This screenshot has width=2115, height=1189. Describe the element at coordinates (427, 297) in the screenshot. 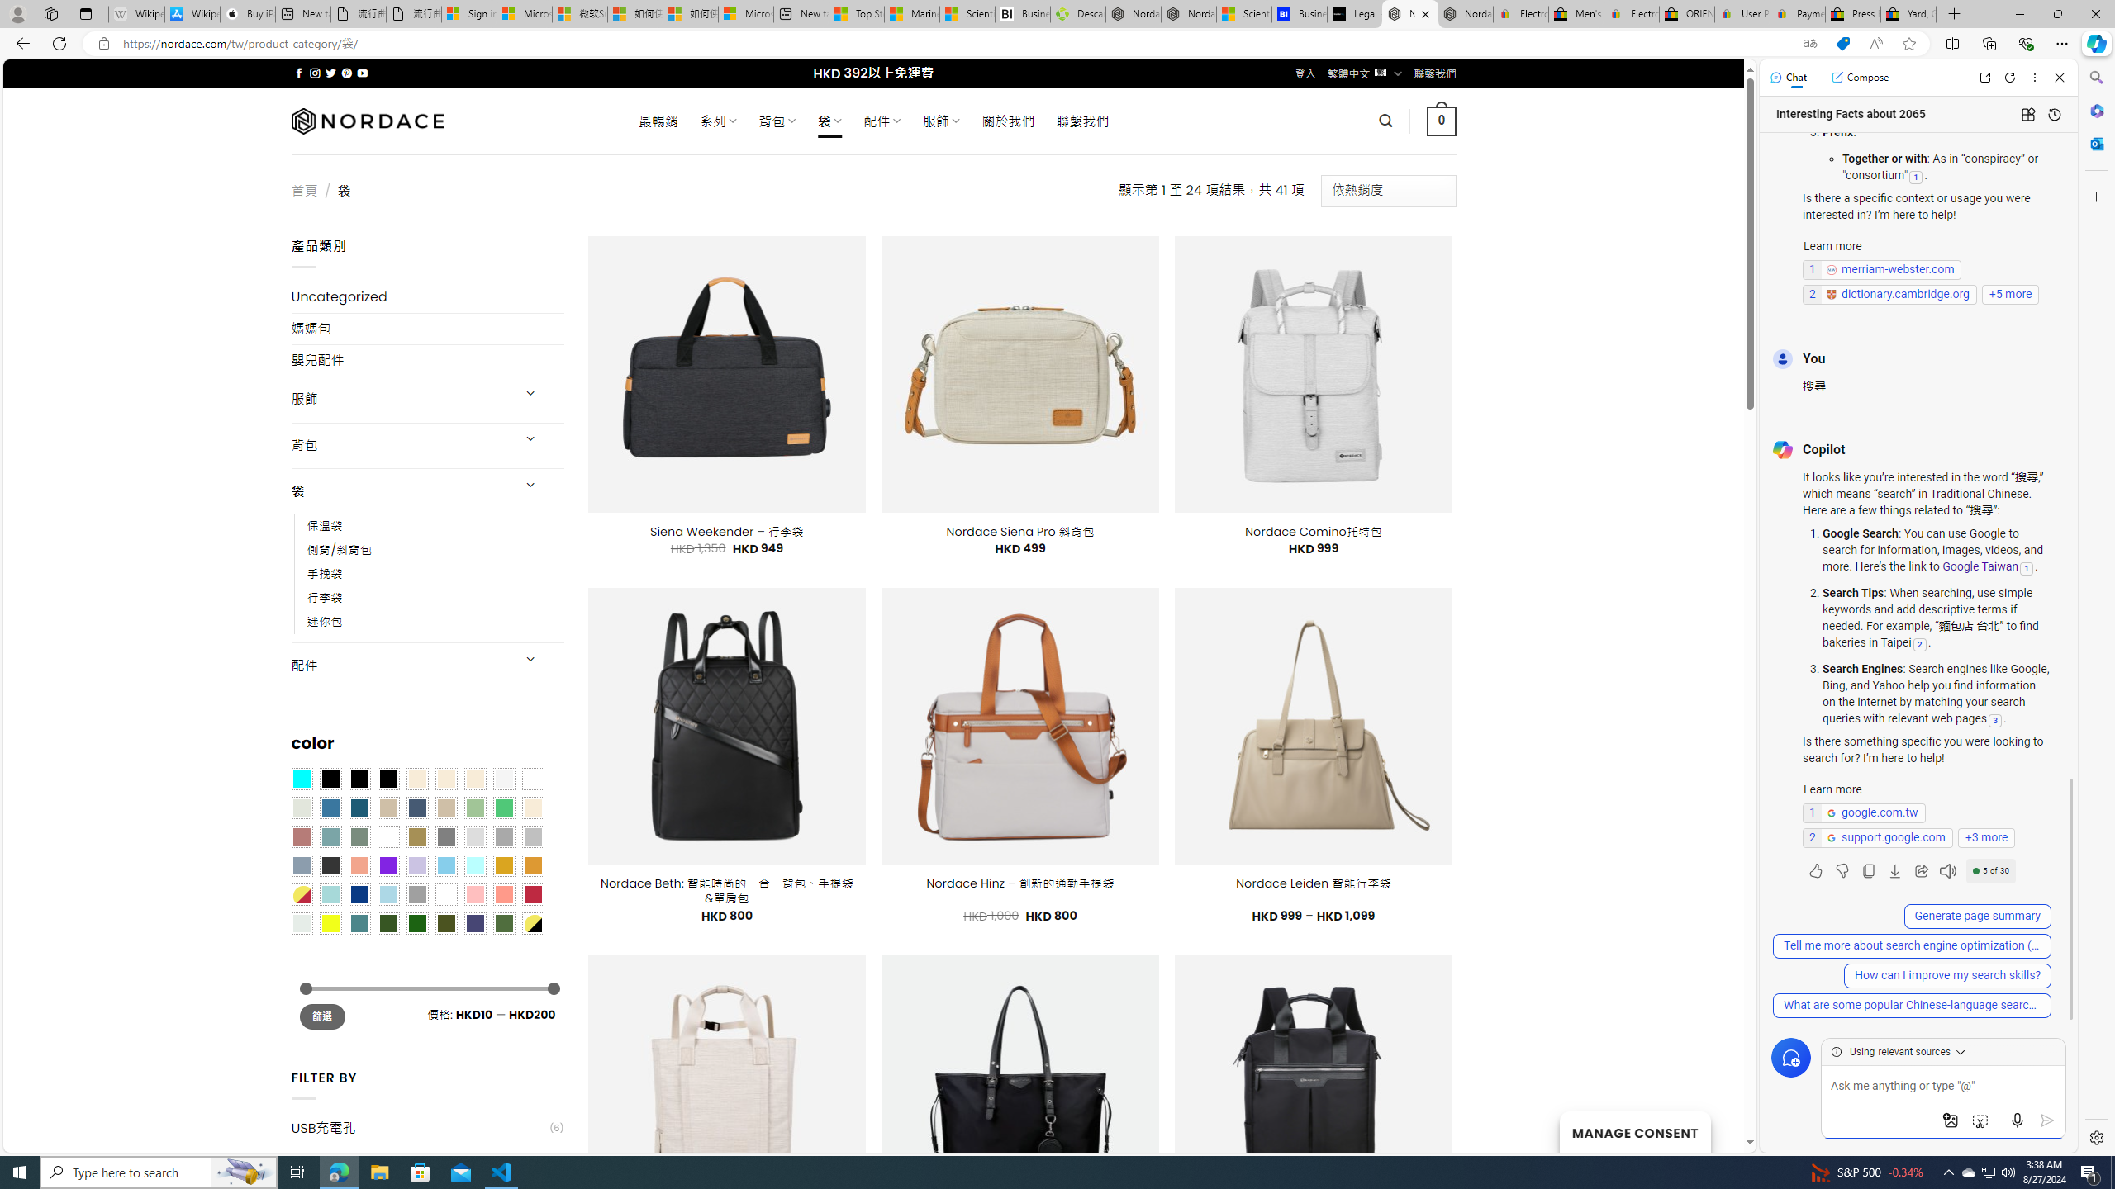

I see `'Uncategorized'` at that location.